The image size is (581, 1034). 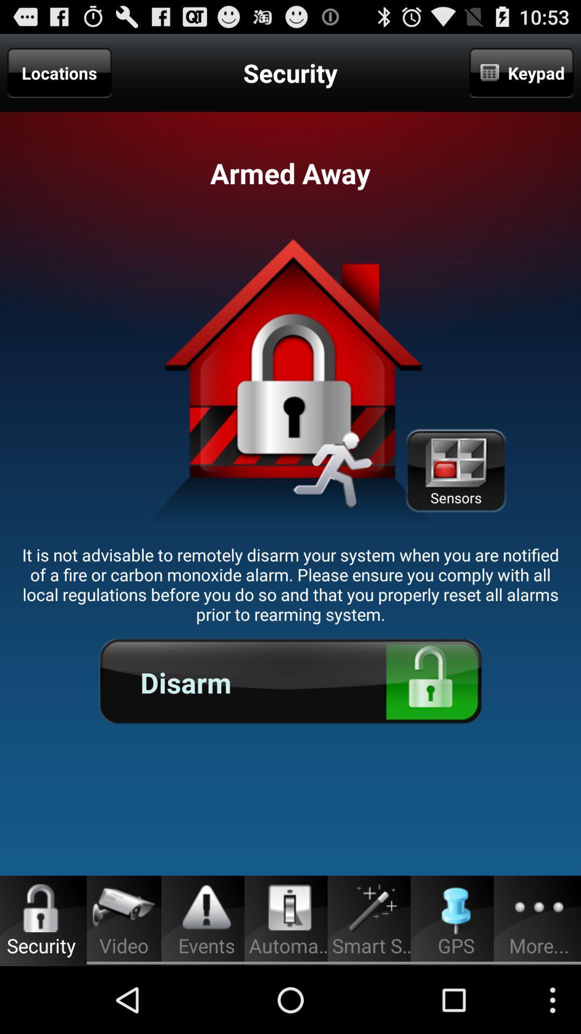 I want to click on the icon next to security app, so click(x=521, y=72).